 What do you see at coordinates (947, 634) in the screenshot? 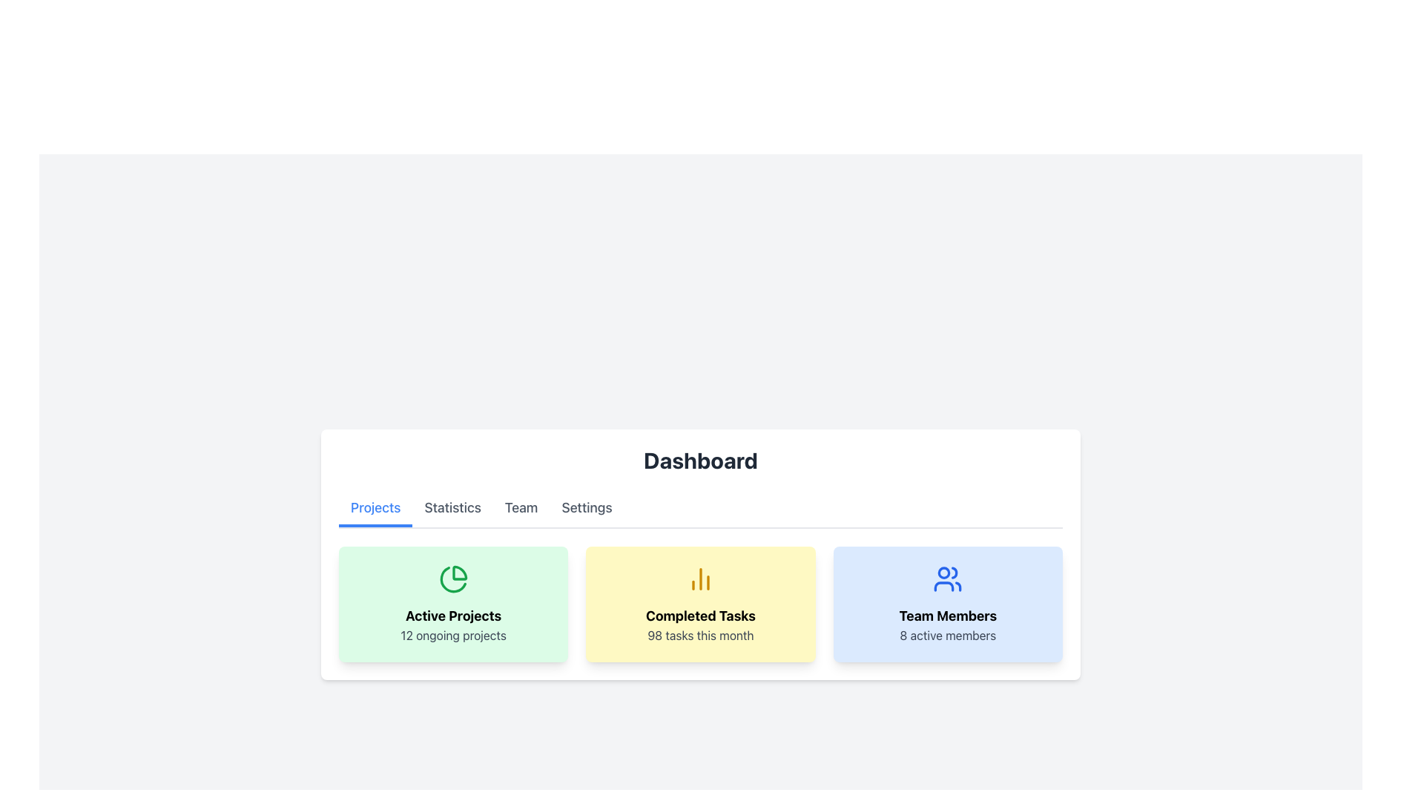
I see `the Text Label displaying the number of active members located at the bottom of the 'Team Members' card on the right side of the dashboard interface` at bounding box center [947, 634].